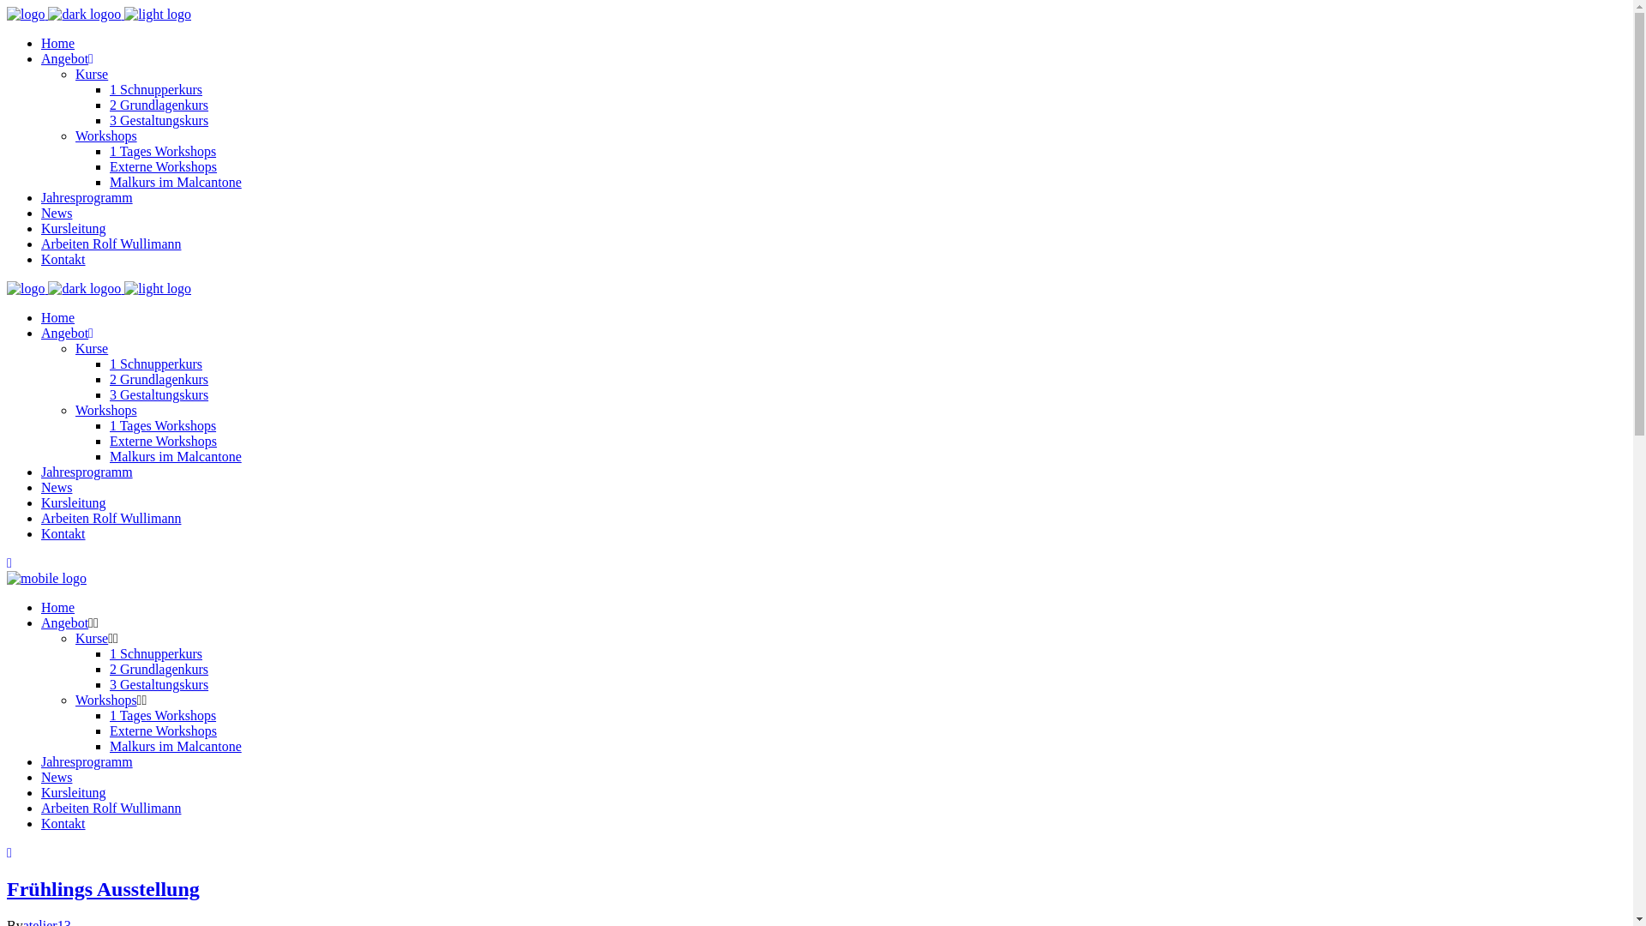 The height and width of the screenshot is (926, 1646). I want to click on 'Malkurs im Malcantone', so click(176, 745).